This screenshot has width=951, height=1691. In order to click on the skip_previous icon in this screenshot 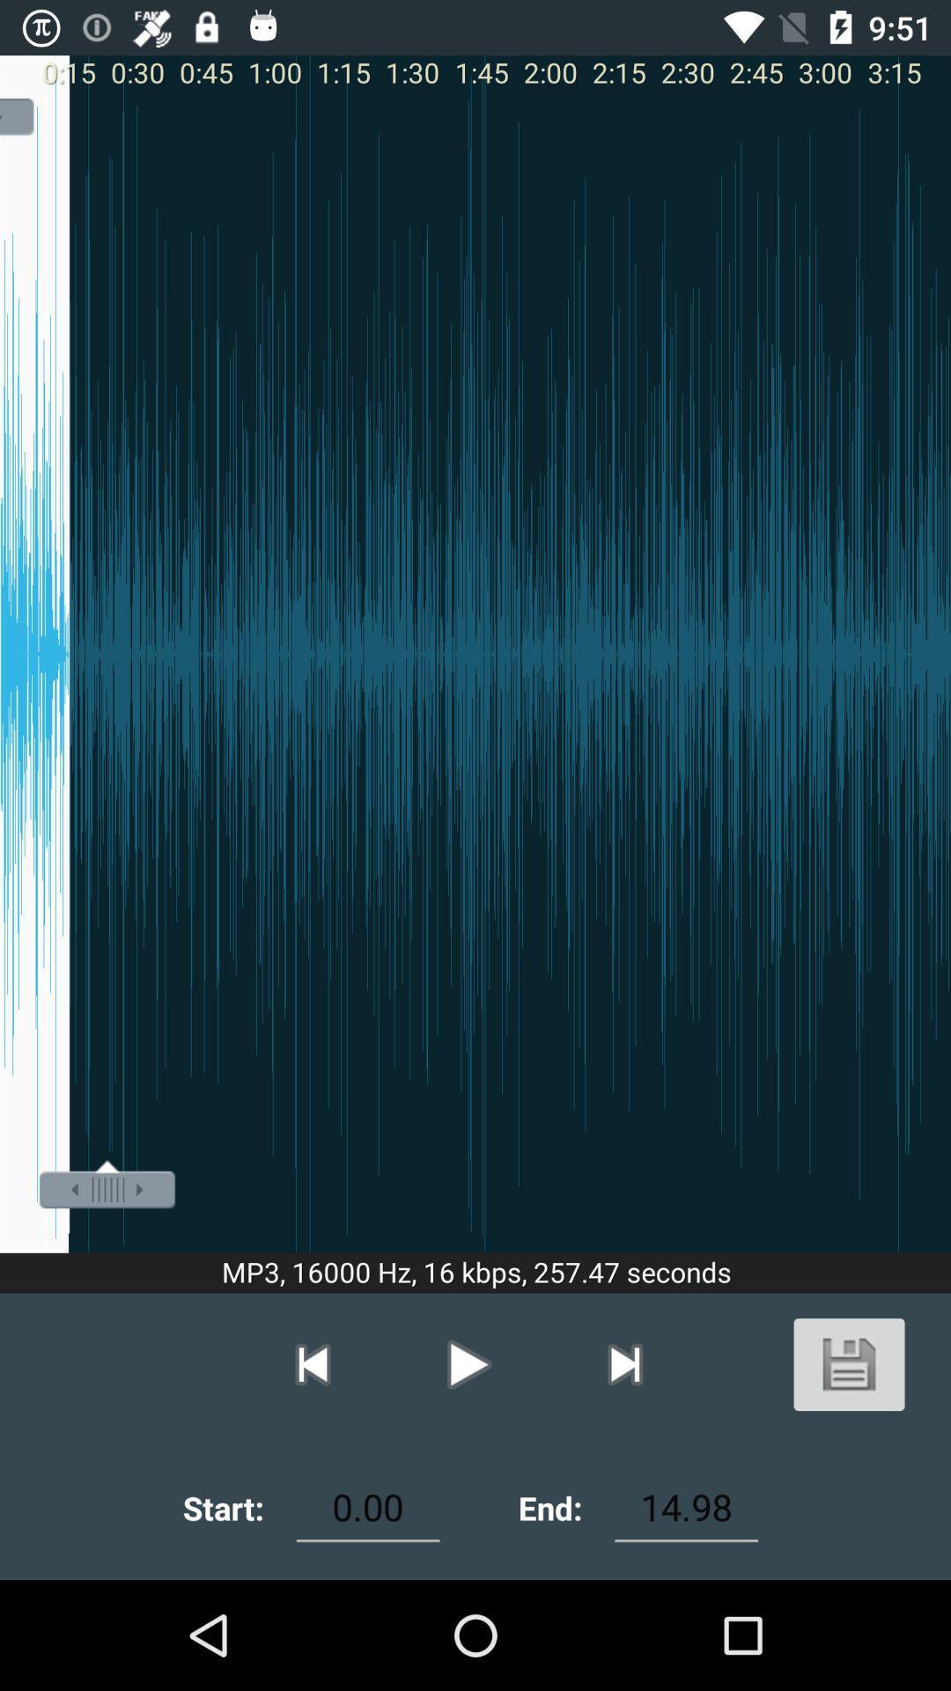, I will do `click(312, 1363)`.